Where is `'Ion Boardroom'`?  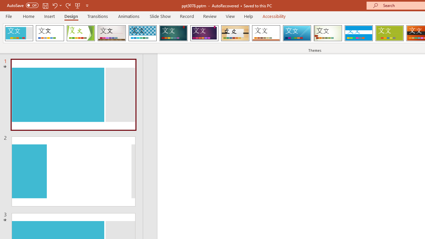
'Ion Boardroom' is located at coordinates (204, 33).